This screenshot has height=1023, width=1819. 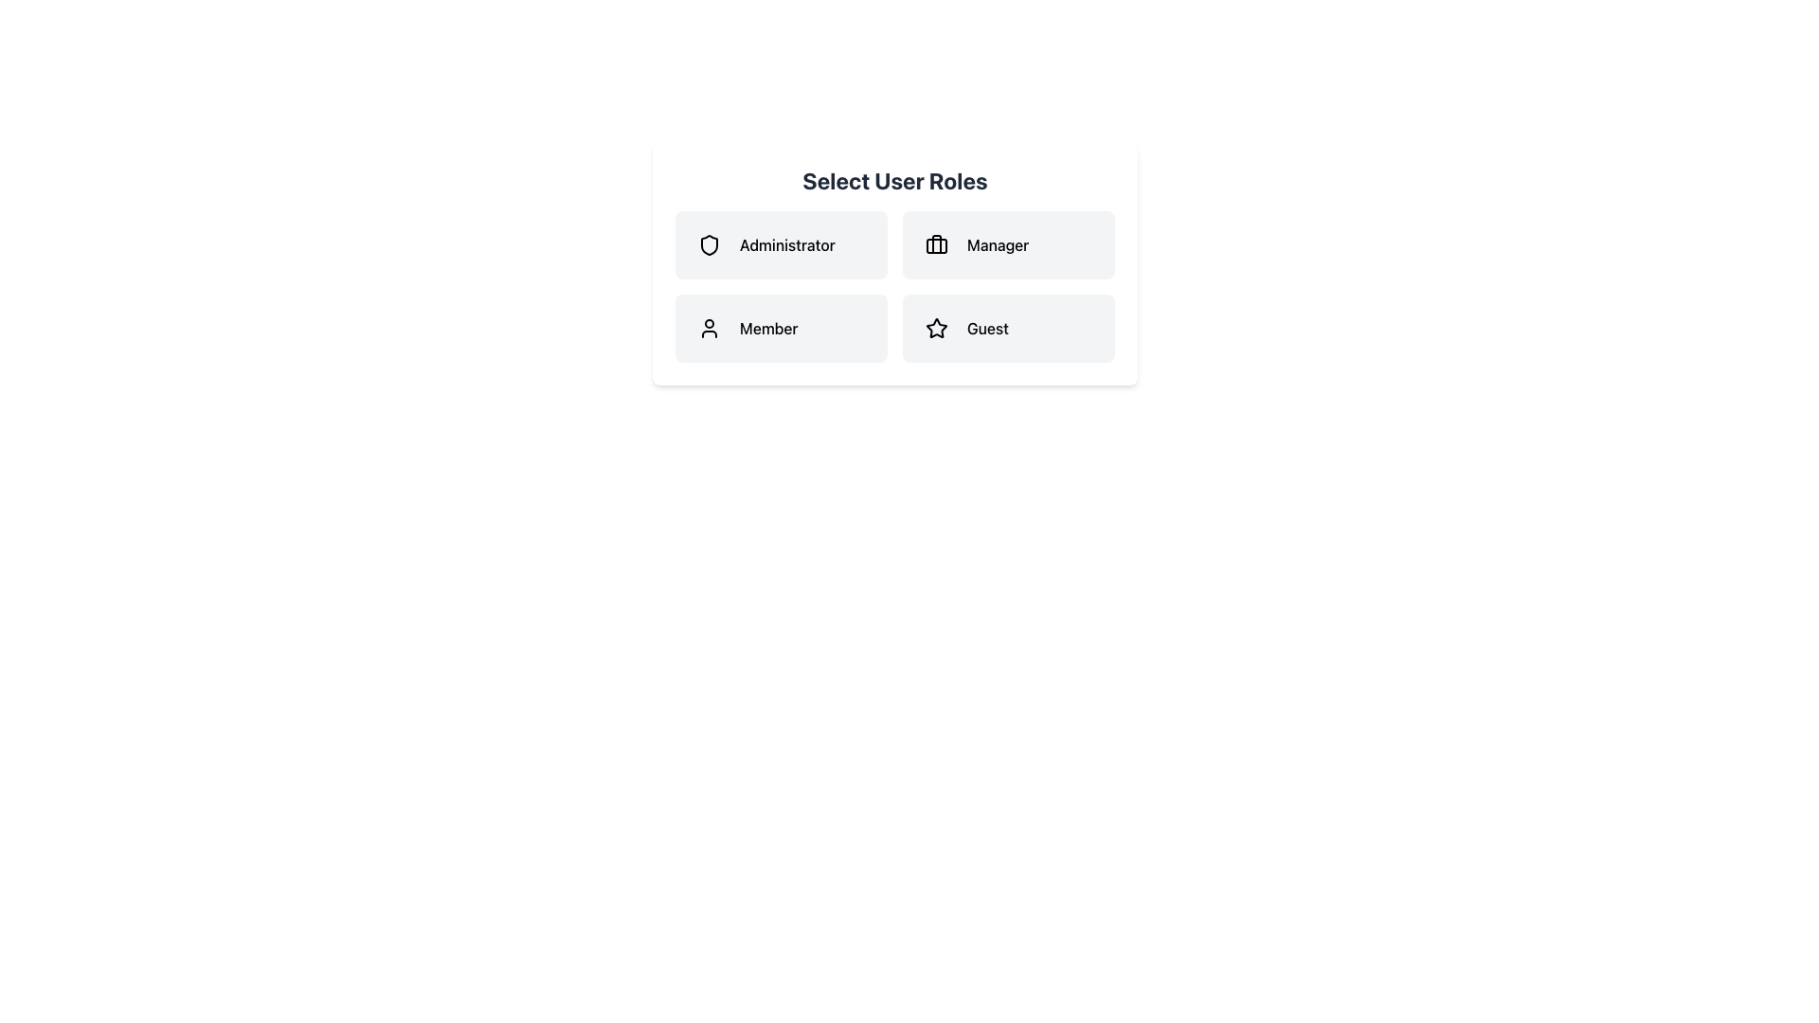 What do you see at coordinates (997, 243) in the screenshot?
I see `text label that displays 'Manager', which is located in the upper-right section of the user role selection grid` at bounding box center [997, 243].